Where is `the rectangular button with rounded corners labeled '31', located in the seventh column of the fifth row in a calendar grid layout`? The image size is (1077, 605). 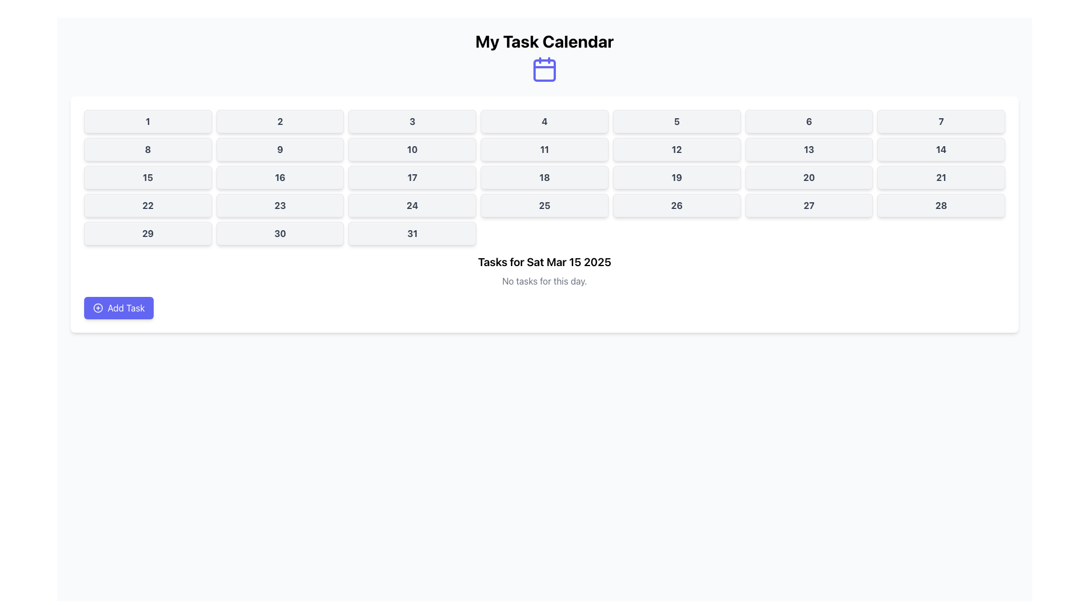
the rectangular button with rounded corners labeled '31', located in the seventh column of the fifth row in a calendar grid layout is located at coordinates (412, 232).